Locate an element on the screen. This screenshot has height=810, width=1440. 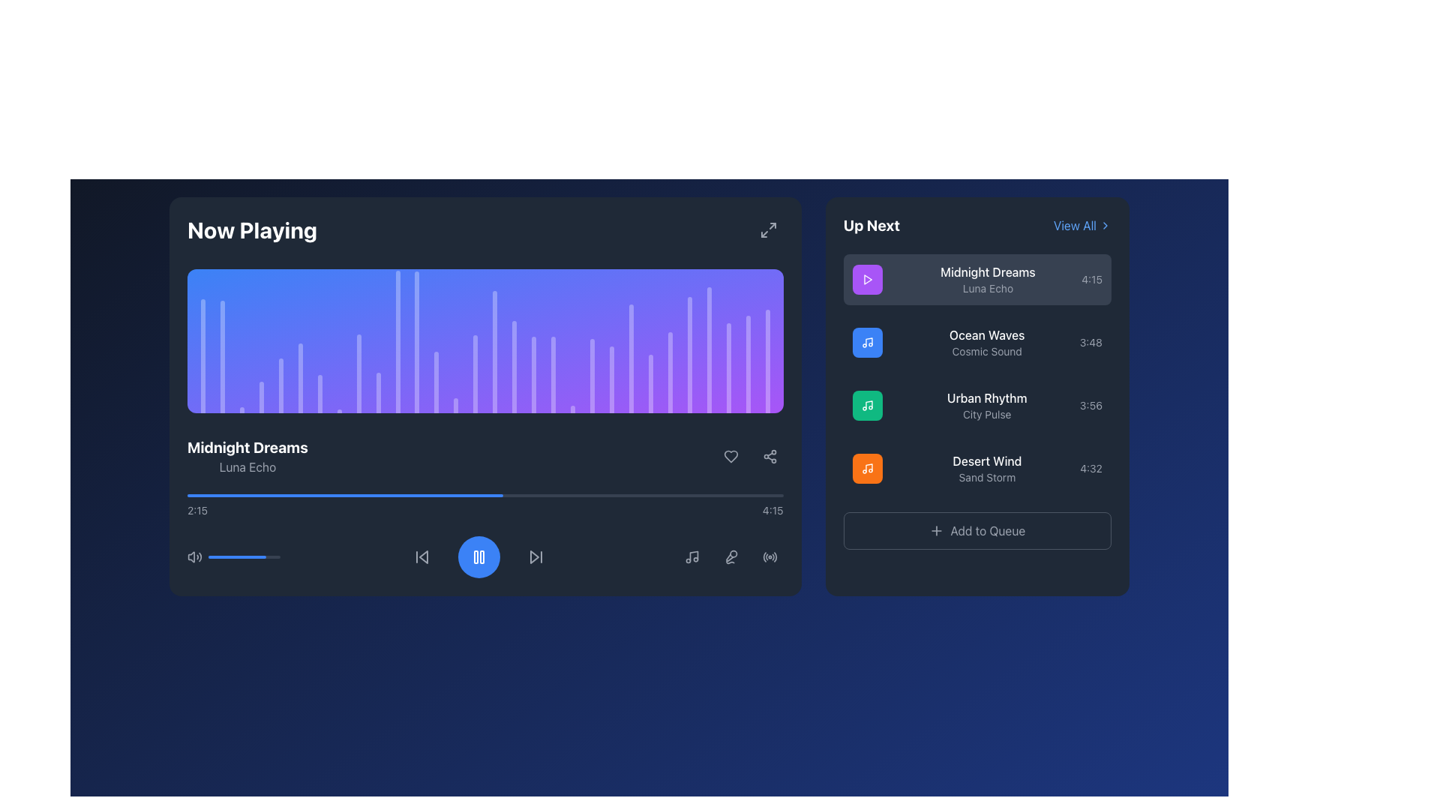
the third vertical visualization bar in the audio spectrum, which indicates a moment of low intensity, located in the lower half of the 'Now Playing' panel is located at coordinates (241, 409).